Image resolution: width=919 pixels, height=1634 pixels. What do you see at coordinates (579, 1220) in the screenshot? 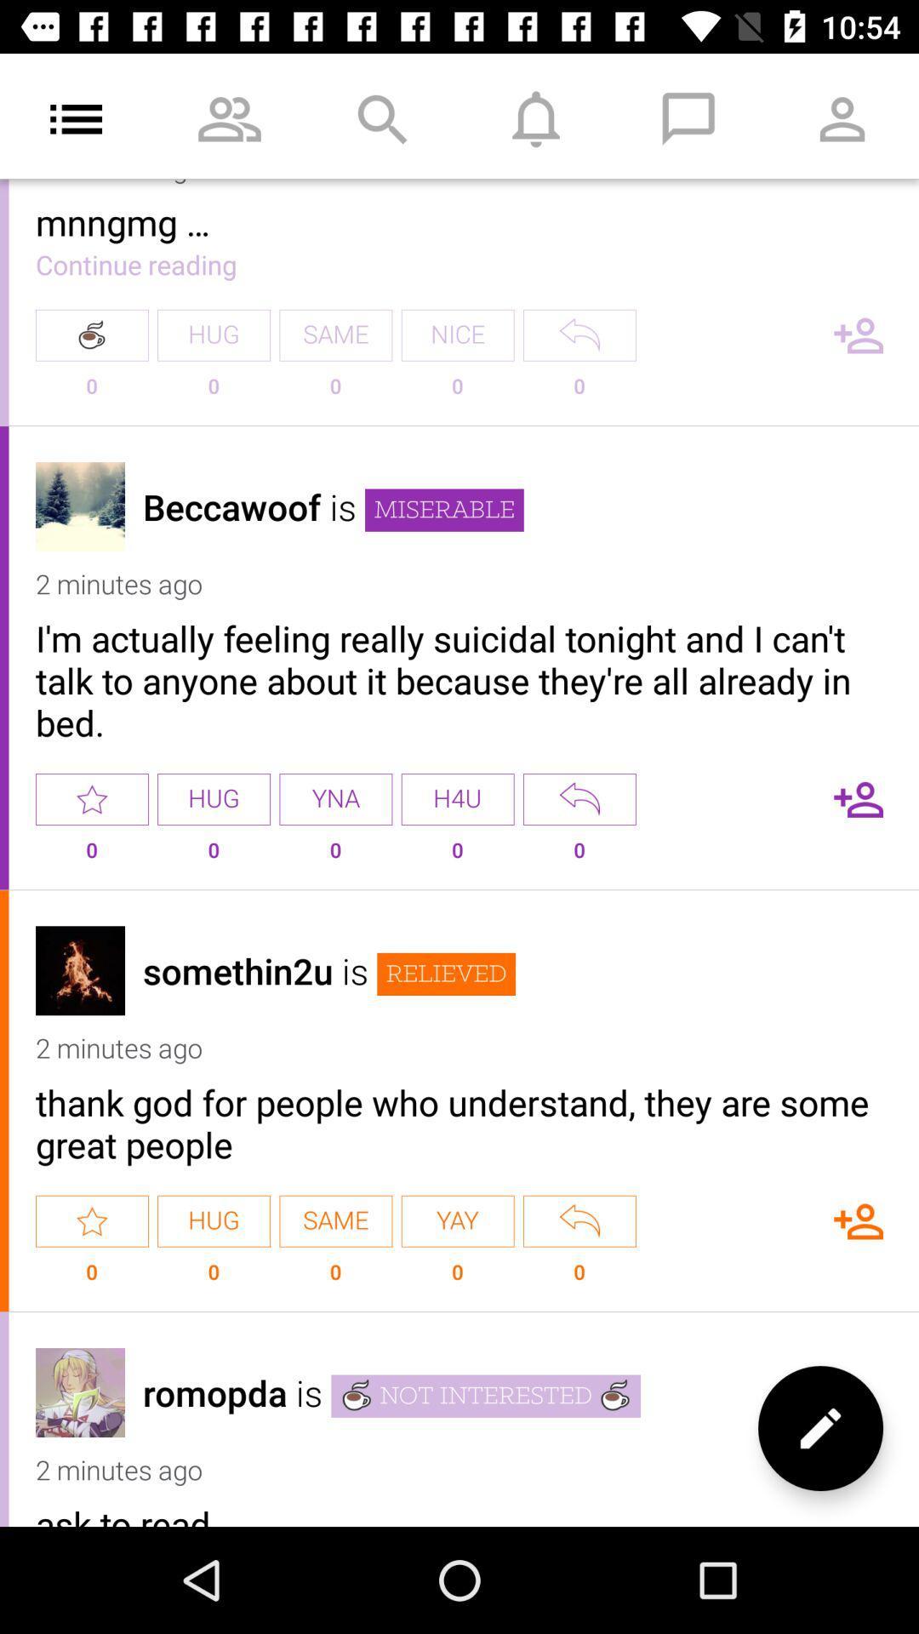
I see `expression button` at bounding box center [579, 1220].